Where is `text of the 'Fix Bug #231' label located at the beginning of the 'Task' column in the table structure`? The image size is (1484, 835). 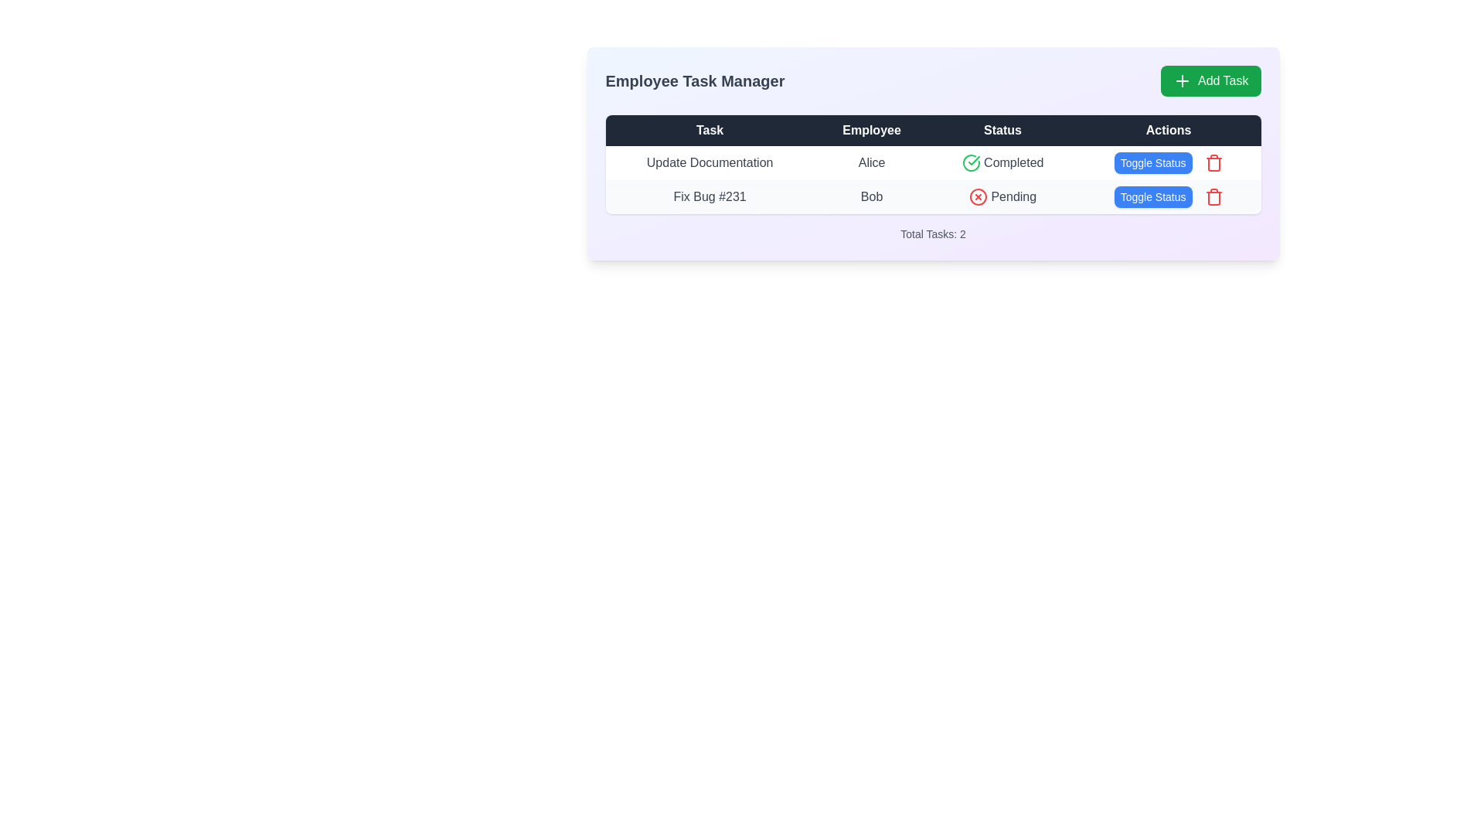
text of the 'Fix Bug #231' label located at the beginning of the 'Task' column in the table structure is located at coordinates (709, 196).